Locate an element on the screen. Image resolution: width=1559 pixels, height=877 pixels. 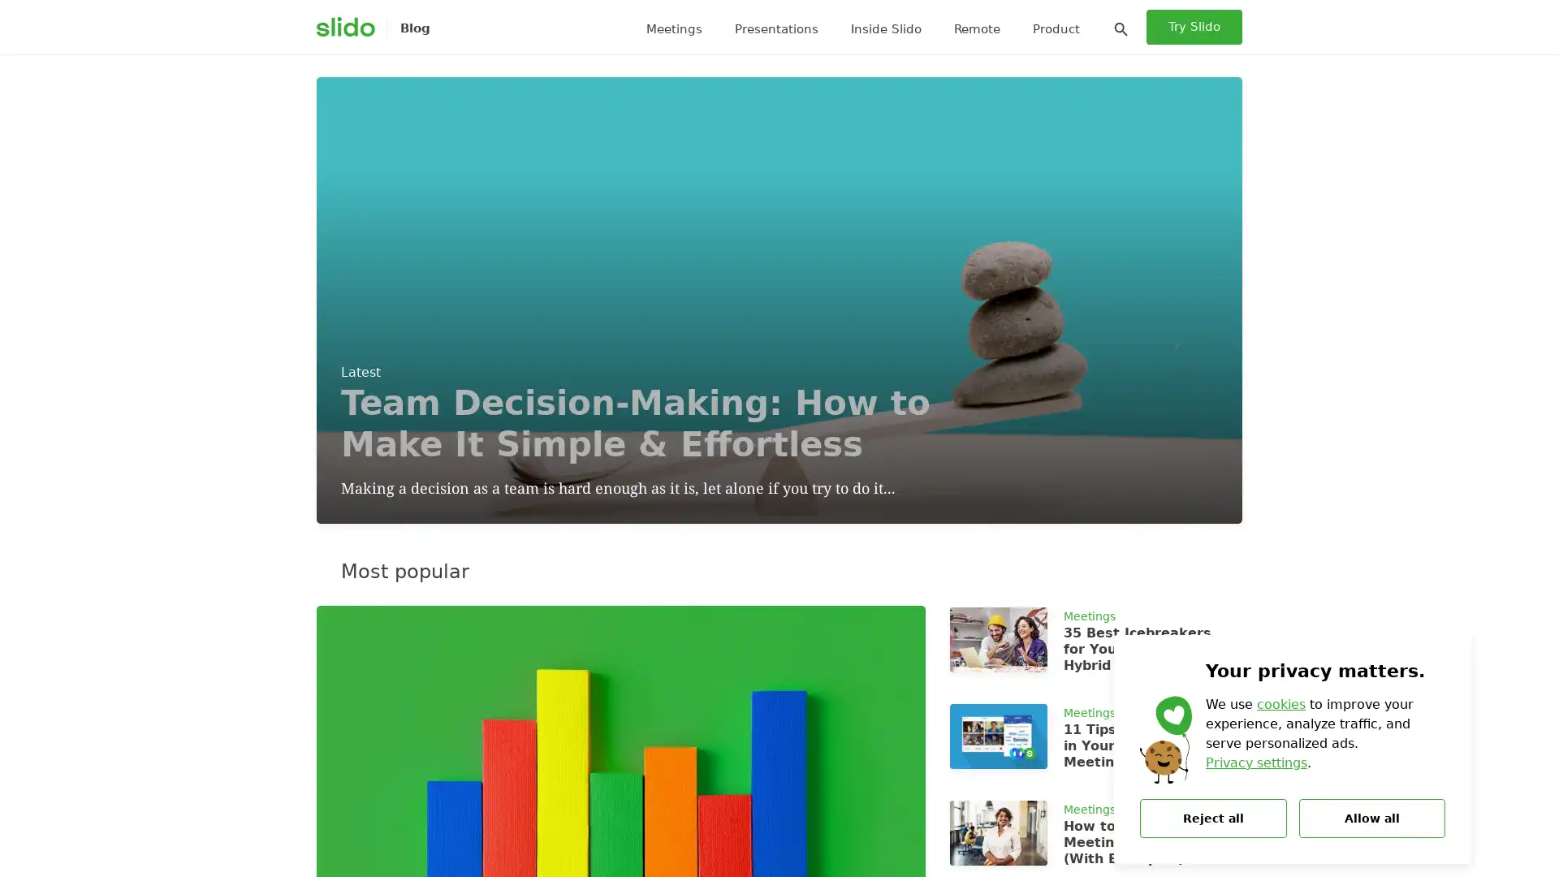
Allow all is located at coordinates (1371, 818).